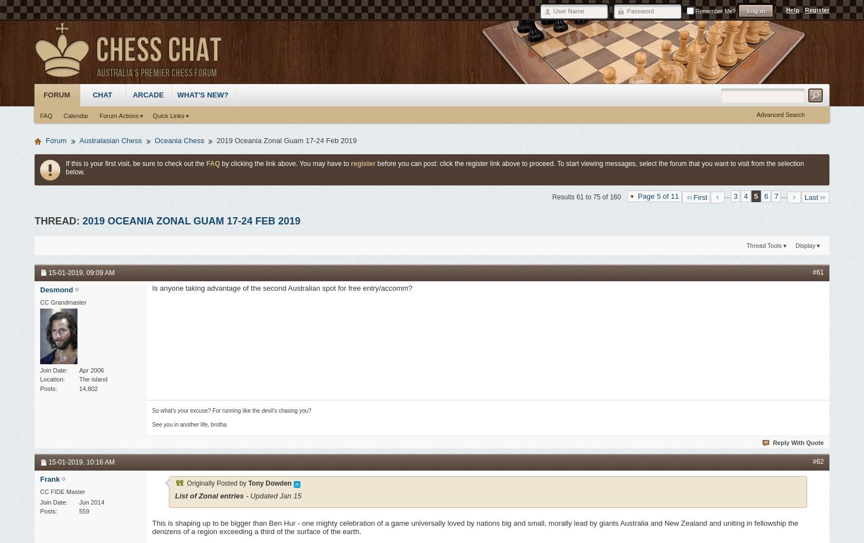  What do you see at coordinates (586, 196) in the screenshot?
I see `'Results 61 to 75 of 160'` at bounding box center [586, 196].